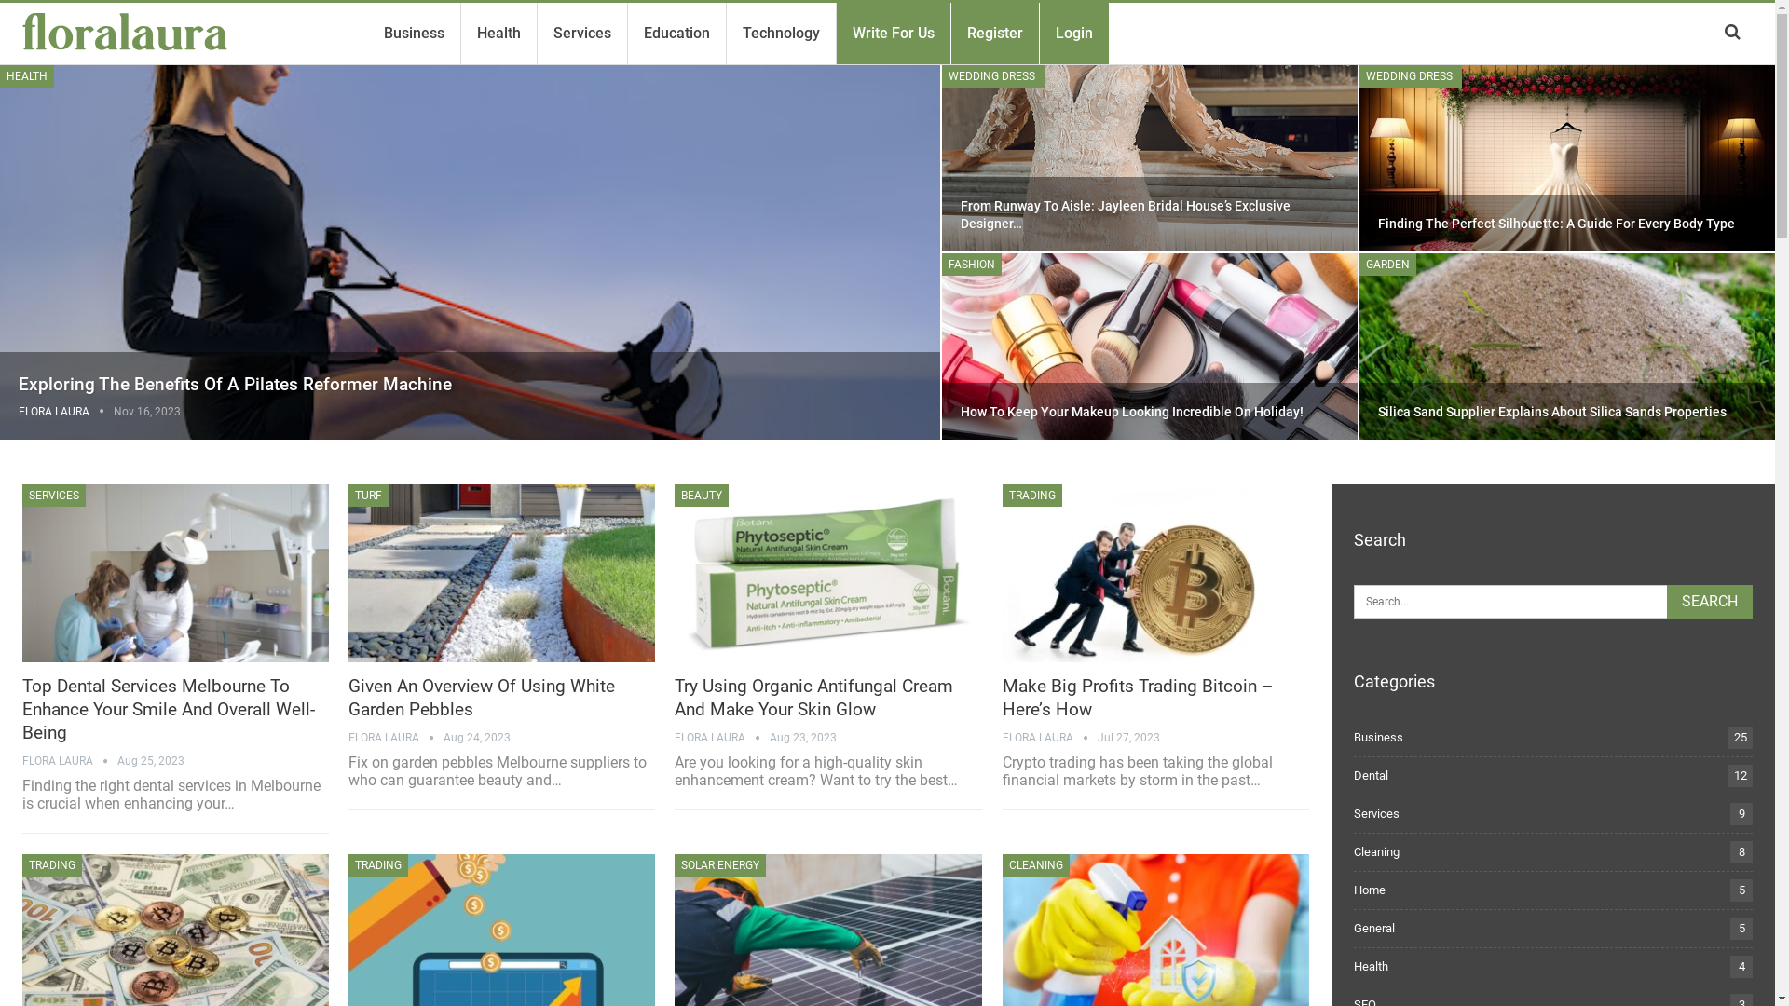 Image resolution: width=1789 pixels, height=1006 pixels. What do you see at coordinates (70, 761) in the screenshot?
I see `'FLORA LAURA'` at bounding box center [70, 761].